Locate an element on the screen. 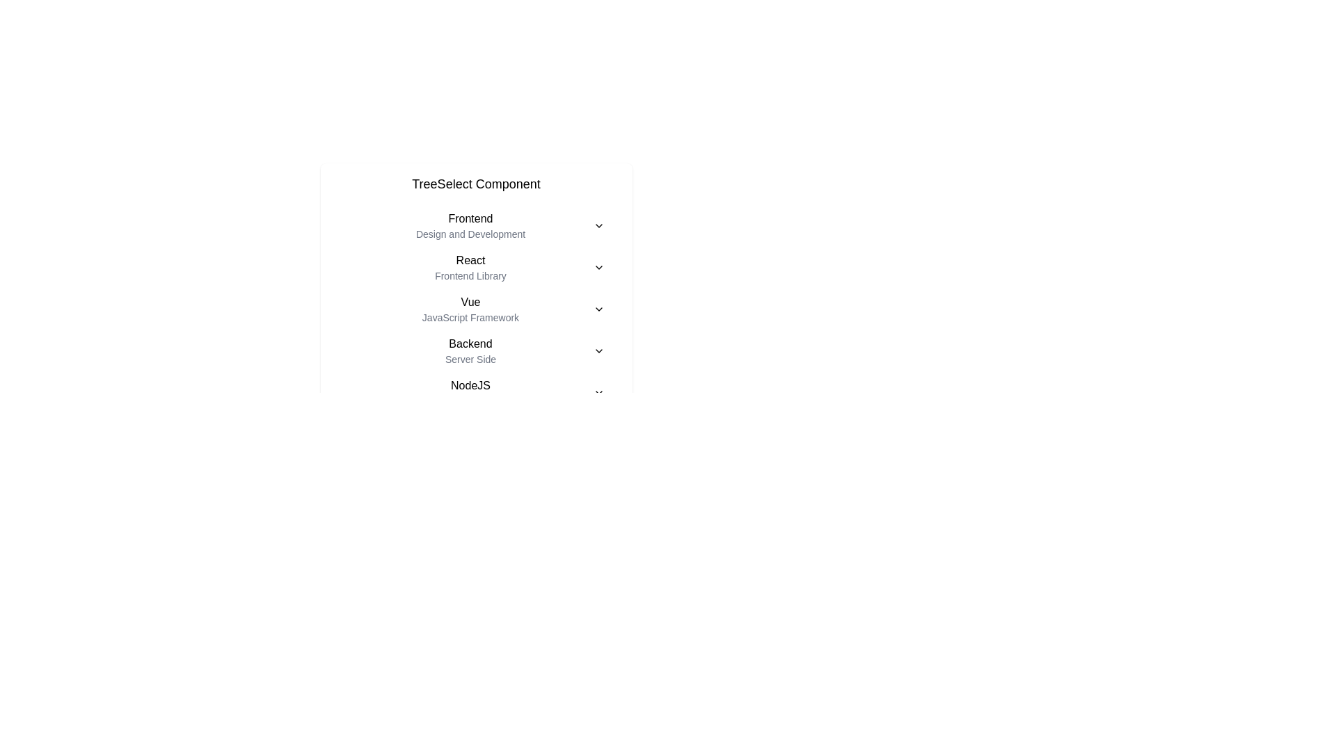  the small downward-pointing chevron icon located on the right edge of the 'Vue' item labeled 'JavaScript Framework' is located at coordinates (598, 308).